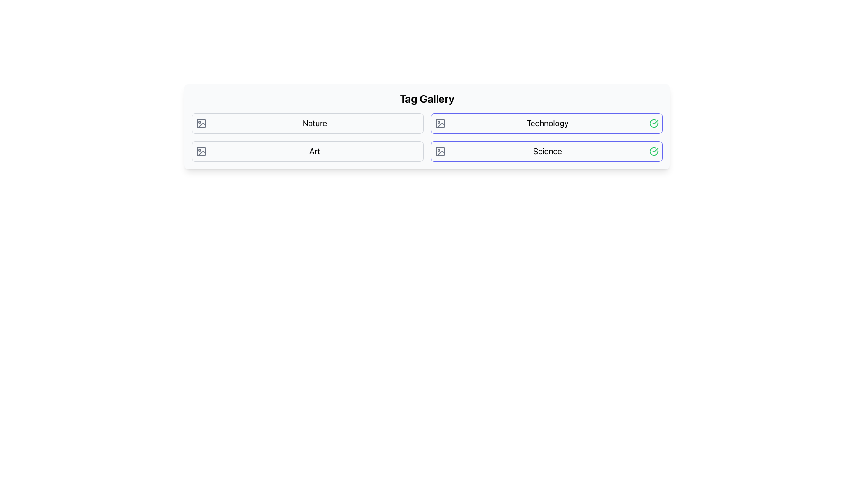  I want to click on the text label displaying 'Technology' which is centrally aligned within a button-like structure, located in the second row under the 'Tag Gallery' heading, flanked by a placeholder image icon on the left and a green checkmark on the right, so click(547, 123).